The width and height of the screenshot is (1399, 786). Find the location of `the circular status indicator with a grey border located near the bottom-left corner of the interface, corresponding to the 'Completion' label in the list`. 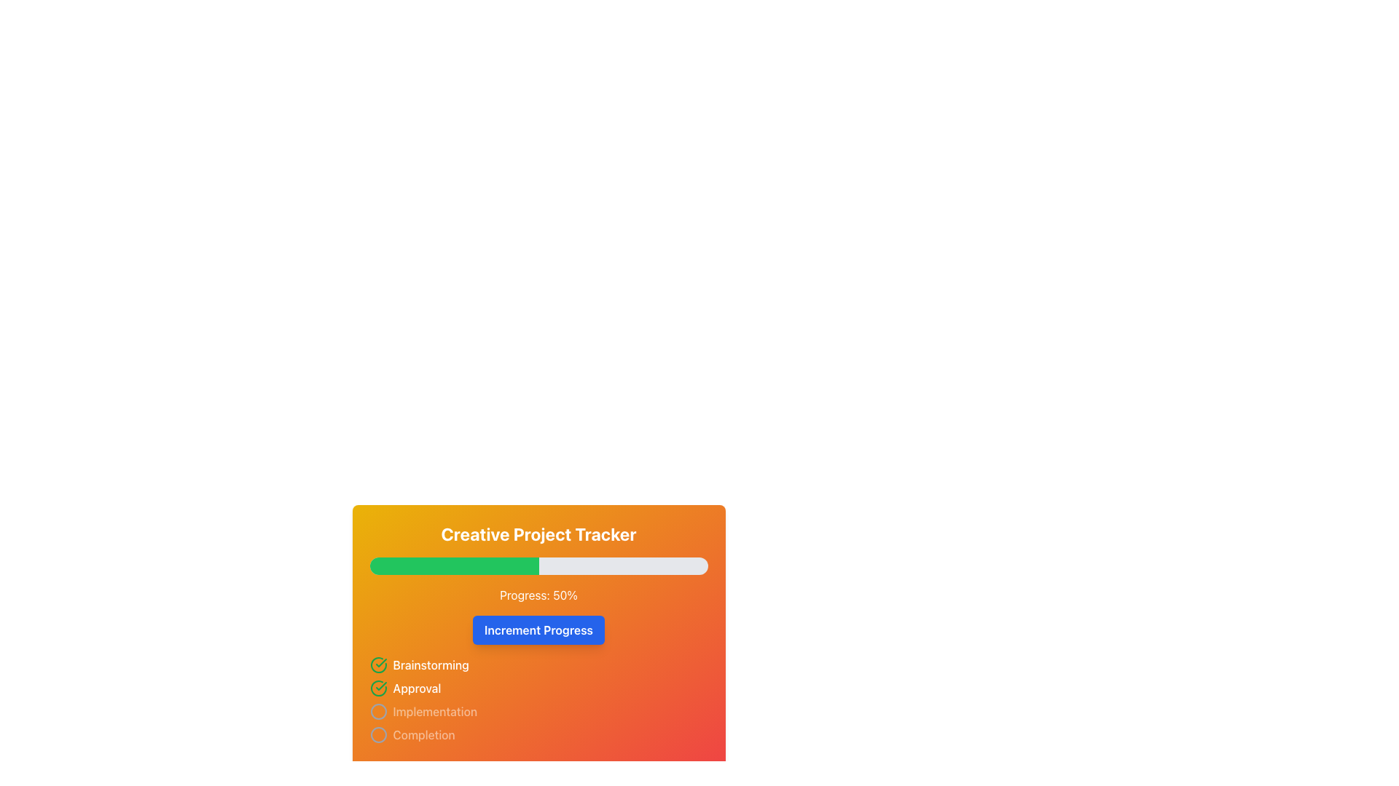

the circular status indicator with a grey border located near the bottom-left corner of the interface, corresponding to the 'Completion' label in the list is located at coordinates (378, 735).